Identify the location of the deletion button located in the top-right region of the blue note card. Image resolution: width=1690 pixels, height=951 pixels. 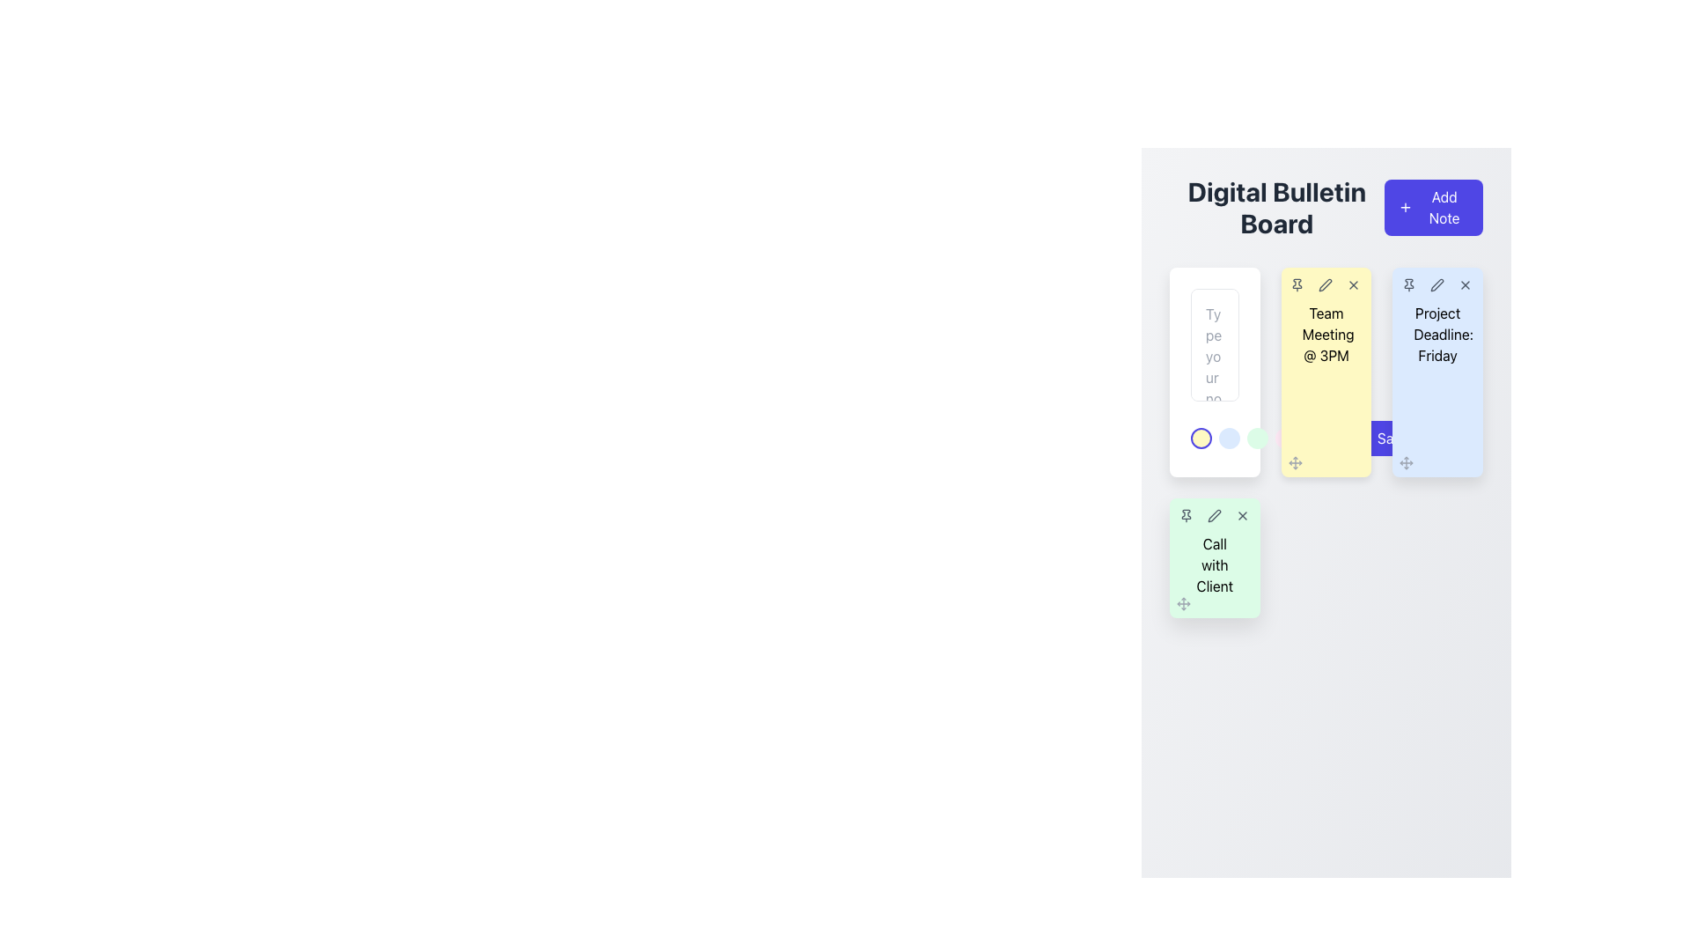
(1466, 284).